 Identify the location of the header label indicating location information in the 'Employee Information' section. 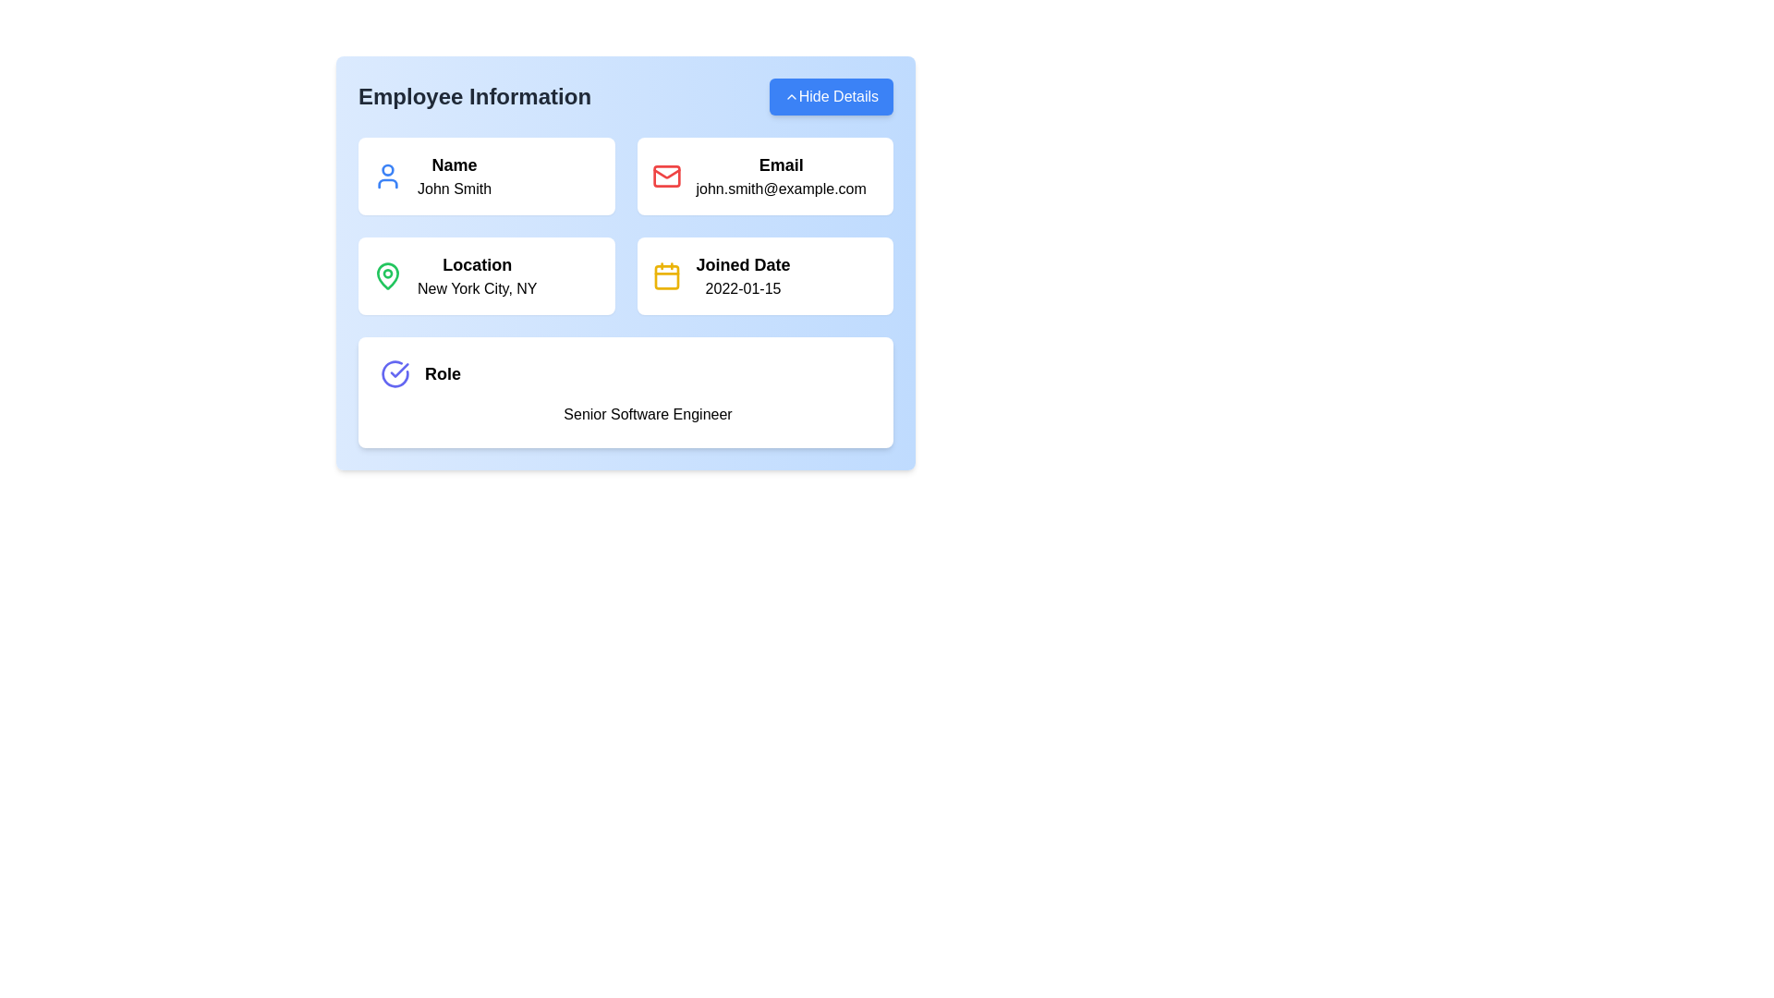
(477, 264).